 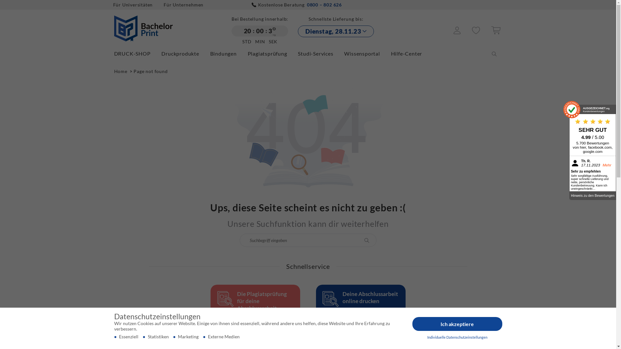 I want to click on 'Hinweis zu den Bewertungen', so click(x=593, y=195).